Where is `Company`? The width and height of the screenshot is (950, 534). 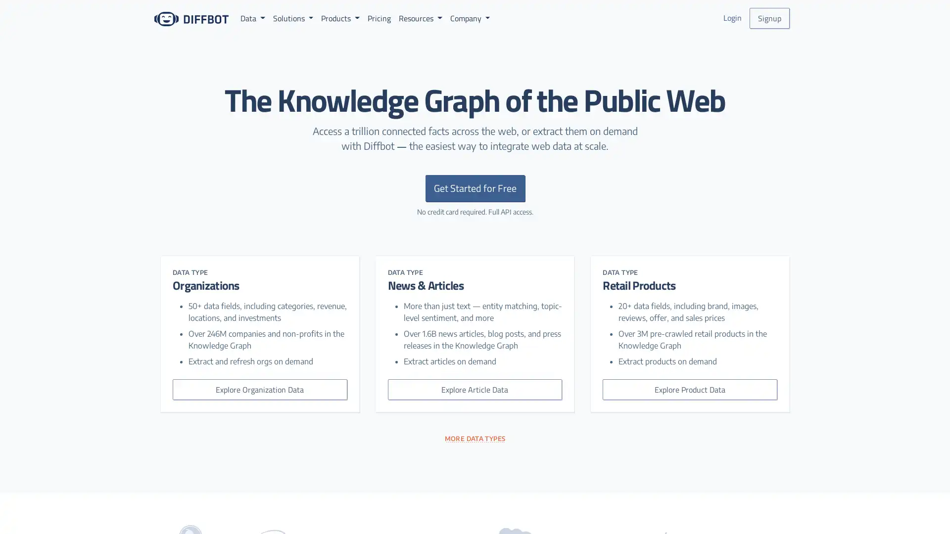 Company is located at coordinates (469, 18).